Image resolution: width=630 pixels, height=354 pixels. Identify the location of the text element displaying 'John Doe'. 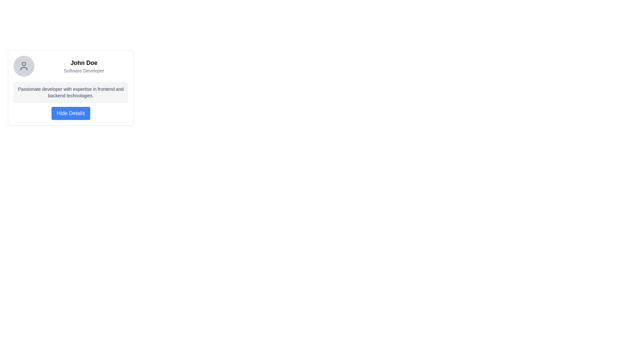
(71, 66).